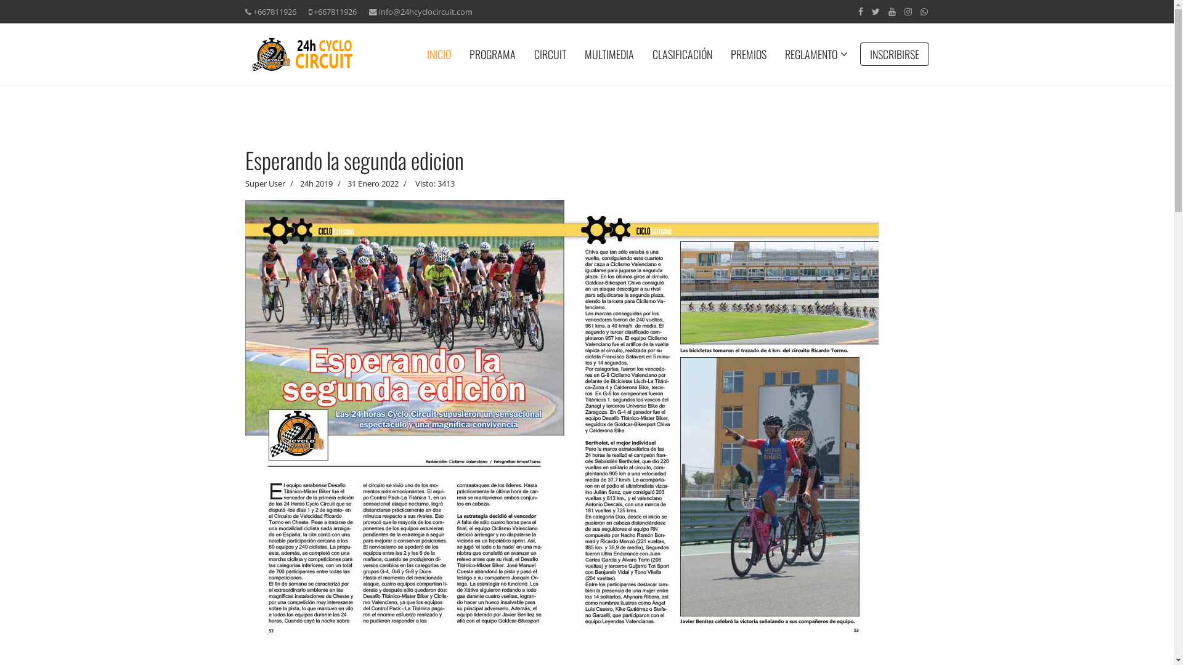  What do you see at coordinates (549, 54) in the screenshot?
I see `'CIRCUIT'` at bounding box center [549, 54].